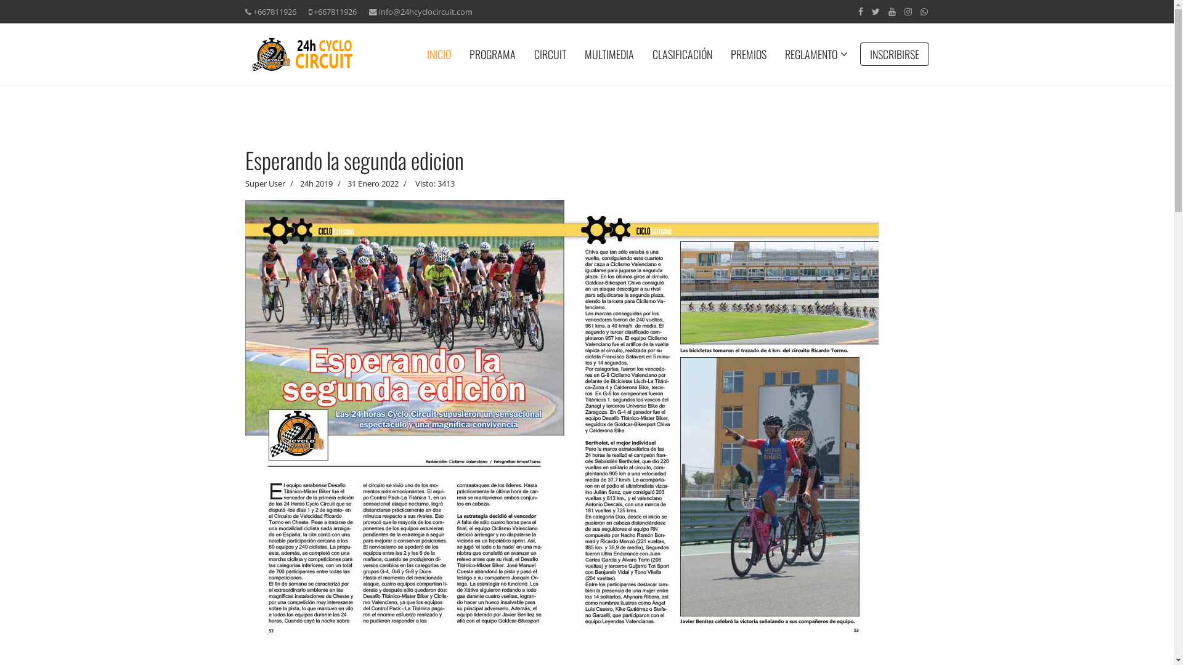  What do you see at coordinates (549, 54) in the screenshot?
I see `'CIRCUIT'` at bounding box center [549, 54].